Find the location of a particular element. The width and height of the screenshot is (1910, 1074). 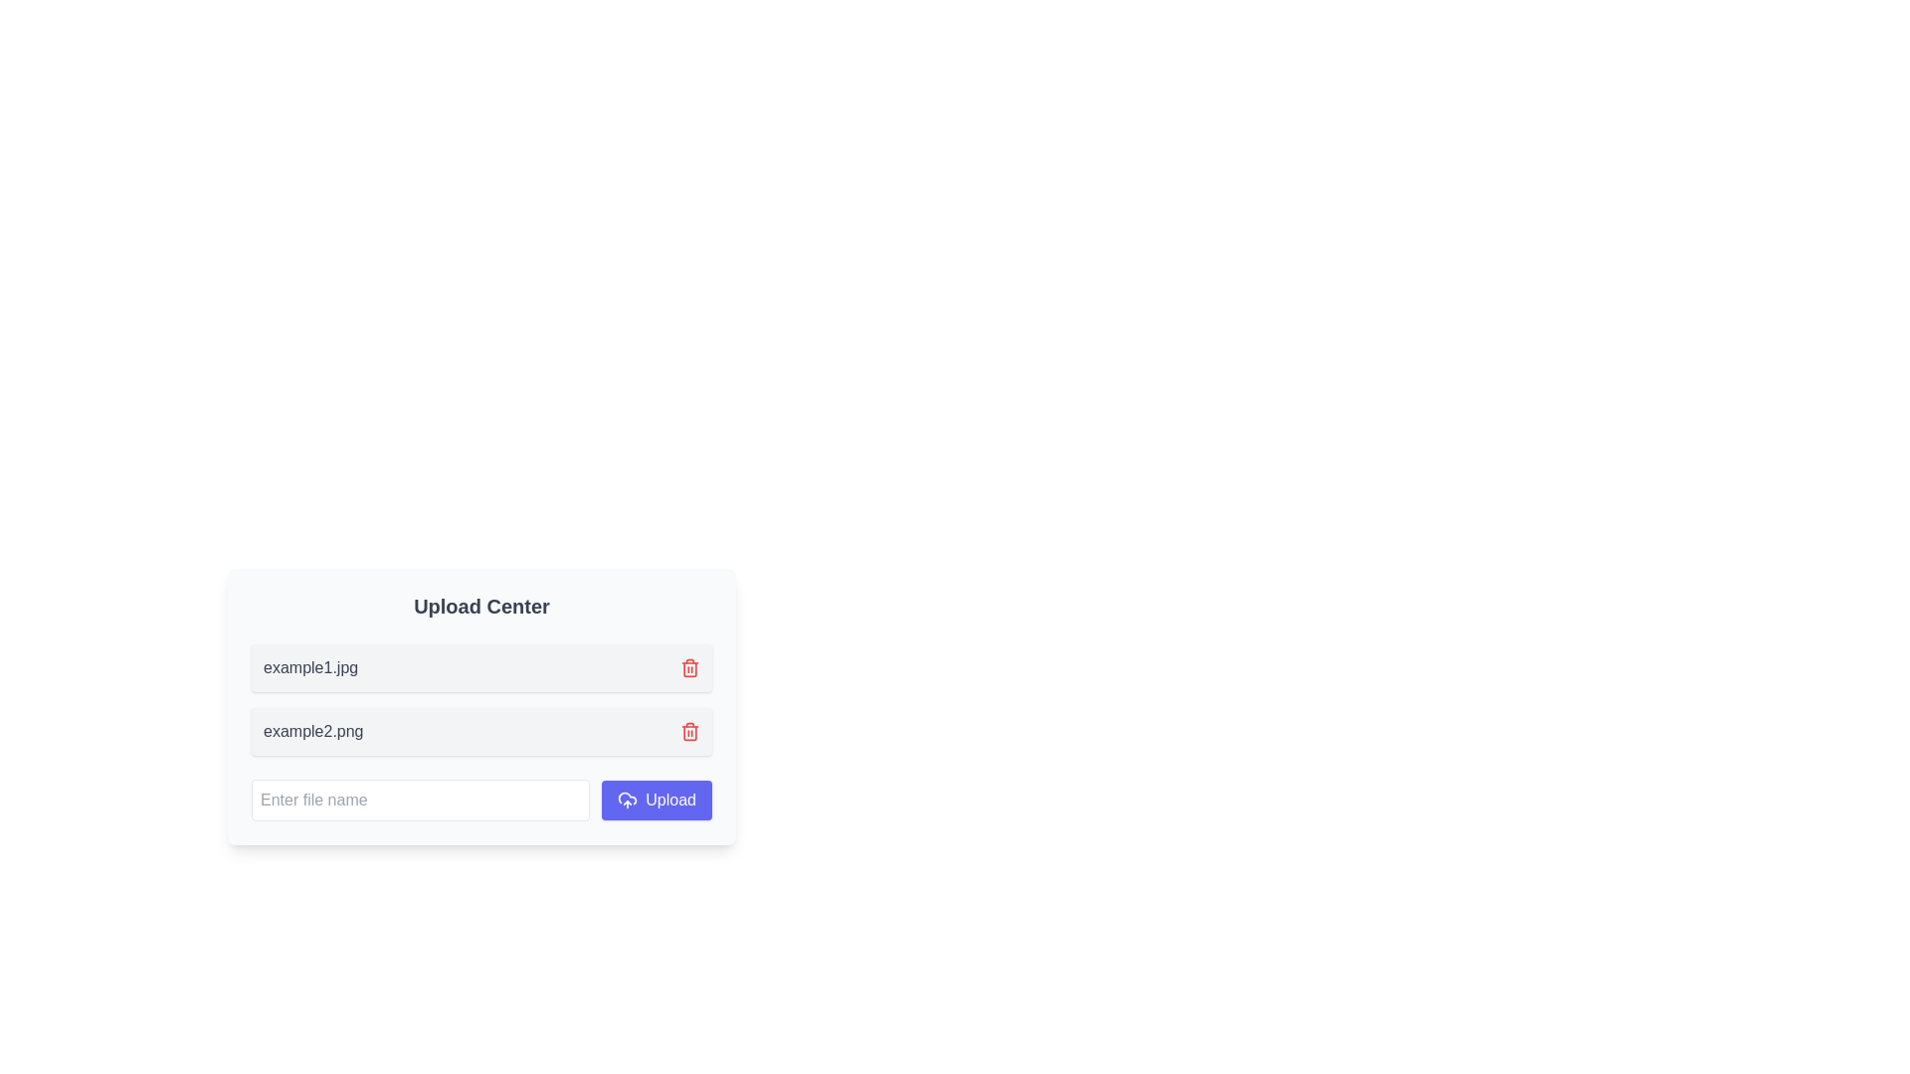

the static text label displaying the name of an uploaded or listed file, located on the left section of a horizontally arranged bar with rounded corners and a light gray background is located at coordinates (309, 667).